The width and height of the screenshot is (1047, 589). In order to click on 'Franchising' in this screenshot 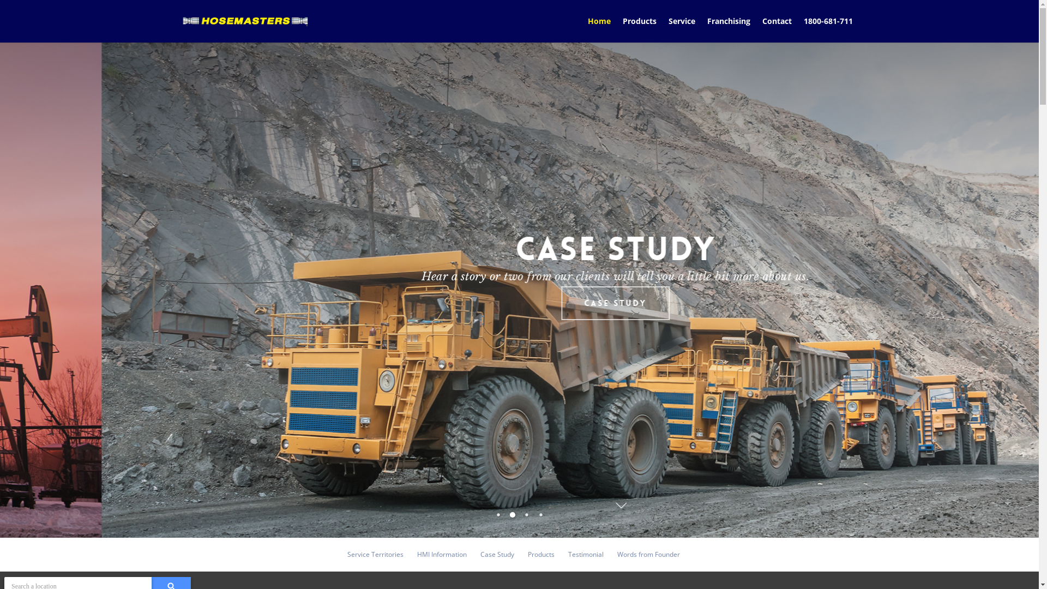, I will do `click(729, 28)`.